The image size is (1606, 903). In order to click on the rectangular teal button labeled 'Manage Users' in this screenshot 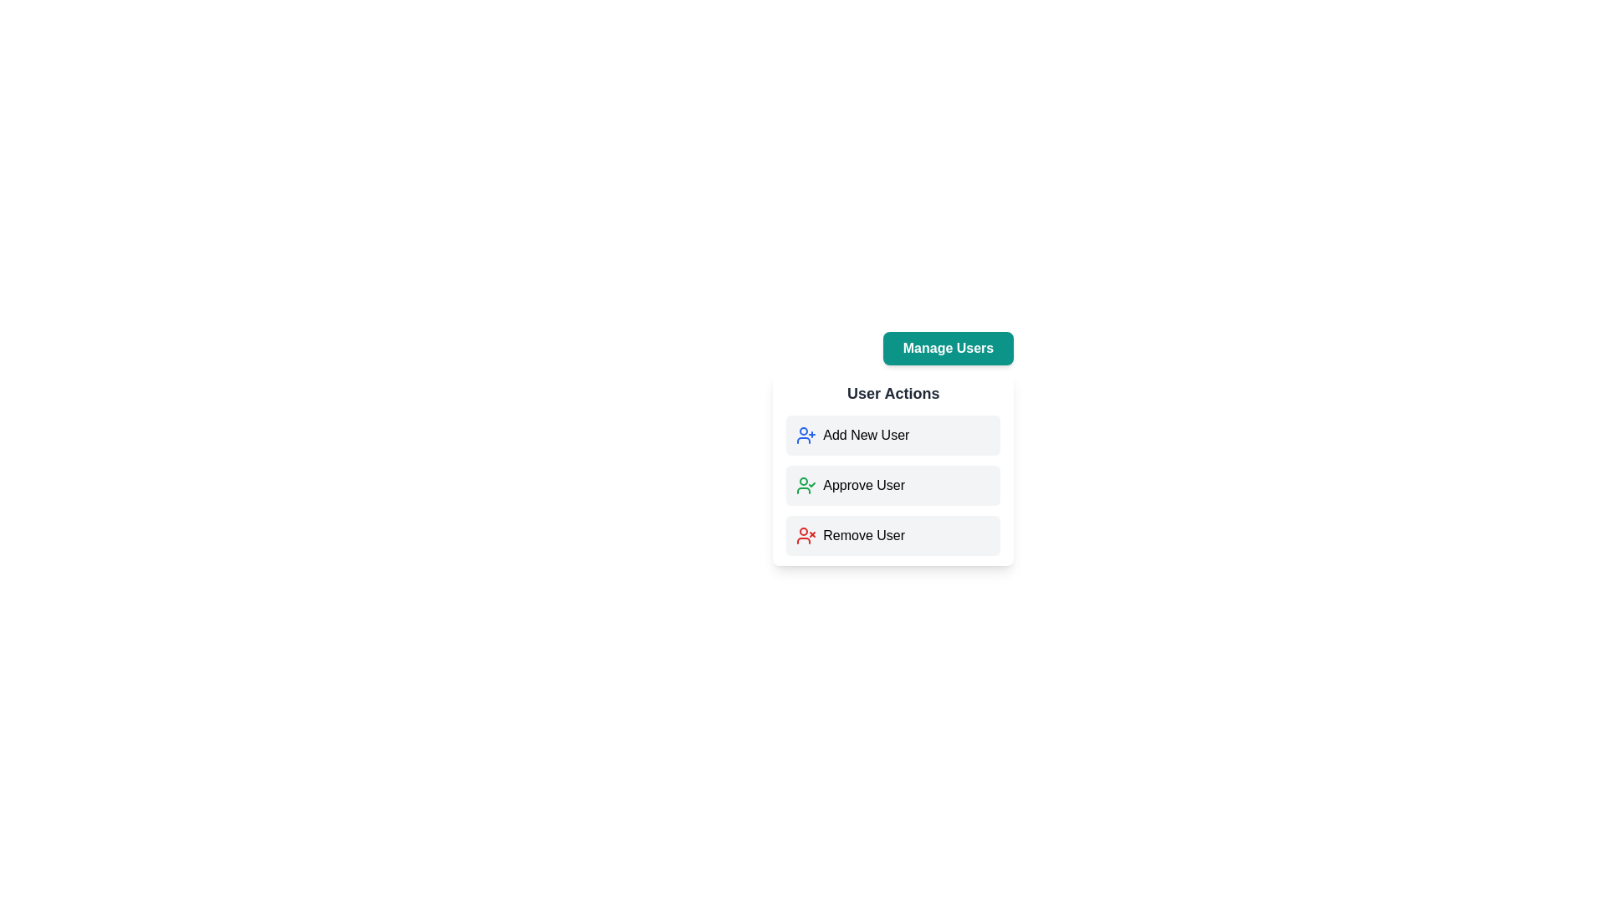, I will do `click(948, 347)`.